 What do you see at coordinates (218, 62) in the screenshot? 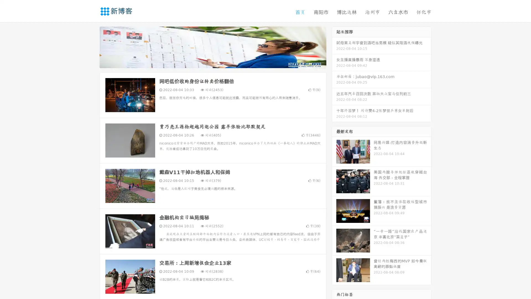
I see `Go to slide 3` at bounding box center [218, 62].